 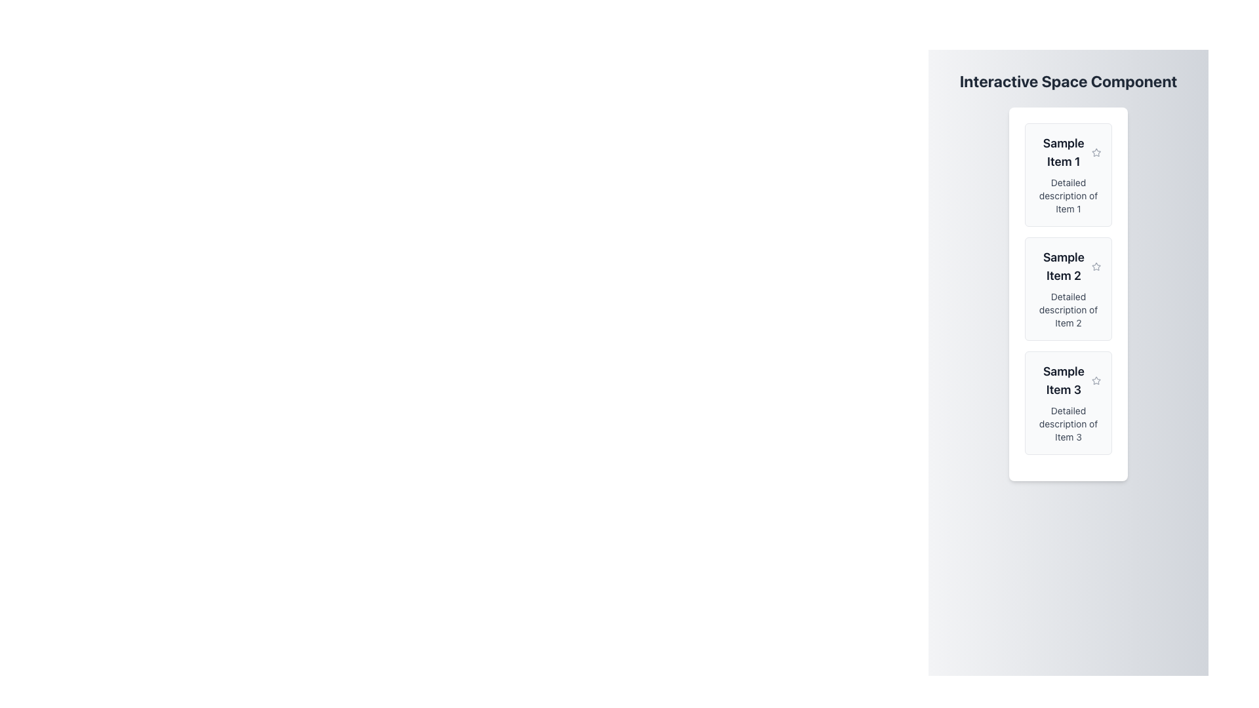 I want to click on the star icon with a gray outline next to 'Sample Item 2', so click(x=1096, y=266).